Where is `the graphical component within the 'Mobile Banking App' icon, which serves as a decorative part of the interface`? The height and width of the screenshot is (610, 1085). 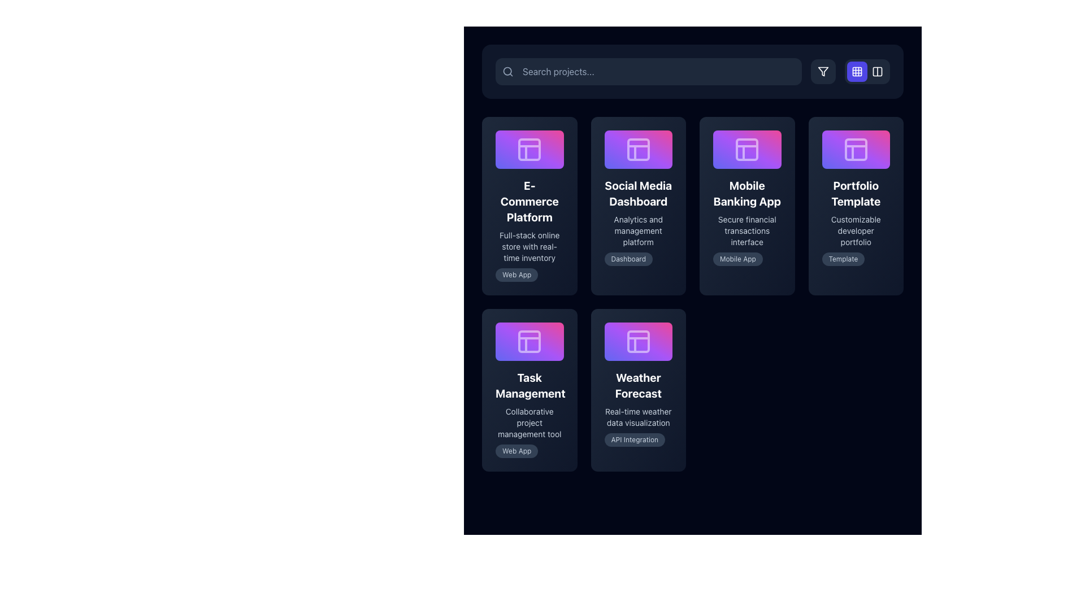 the graphical component within the 'Mobile Banking App' icon, which serves as a decorative part of the interface is located at coordinates (747, 149).